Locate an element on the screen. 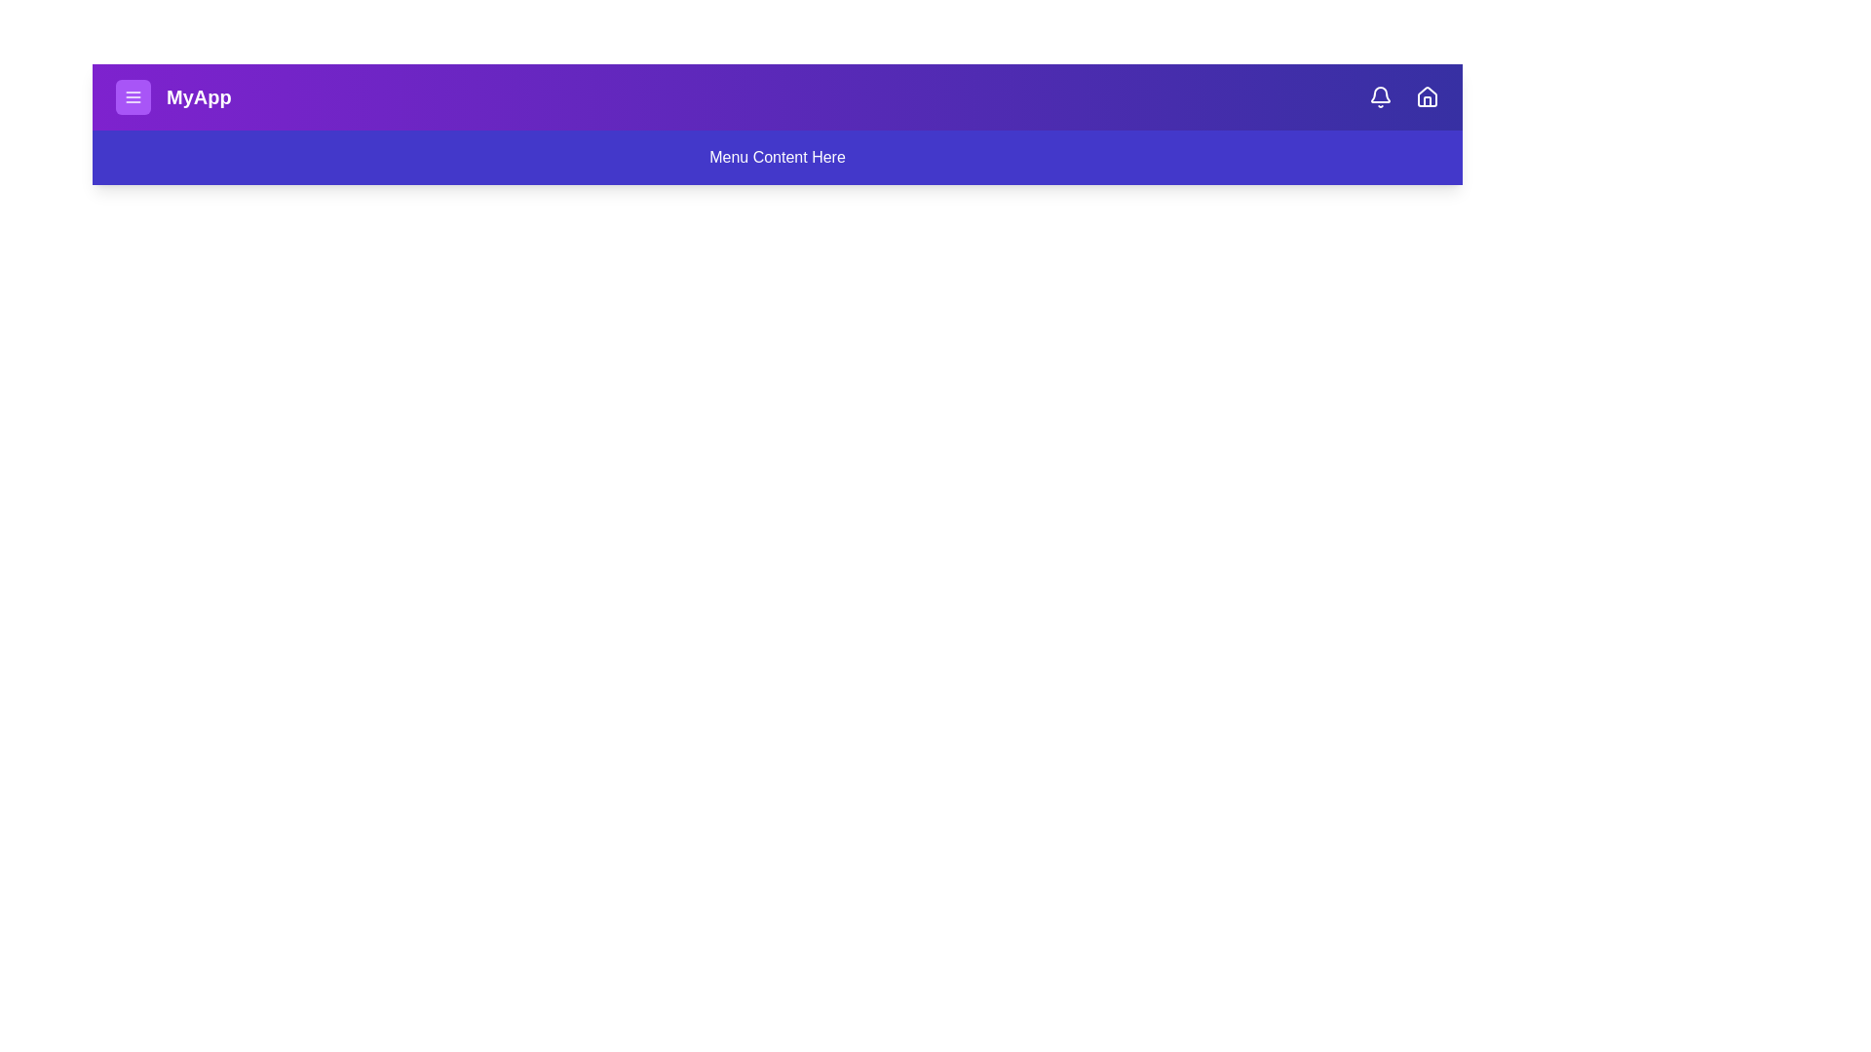 The width and height of the screenshot is (1871, 1052). the application title text 'MyApp' is located at coordinates (198, 97).